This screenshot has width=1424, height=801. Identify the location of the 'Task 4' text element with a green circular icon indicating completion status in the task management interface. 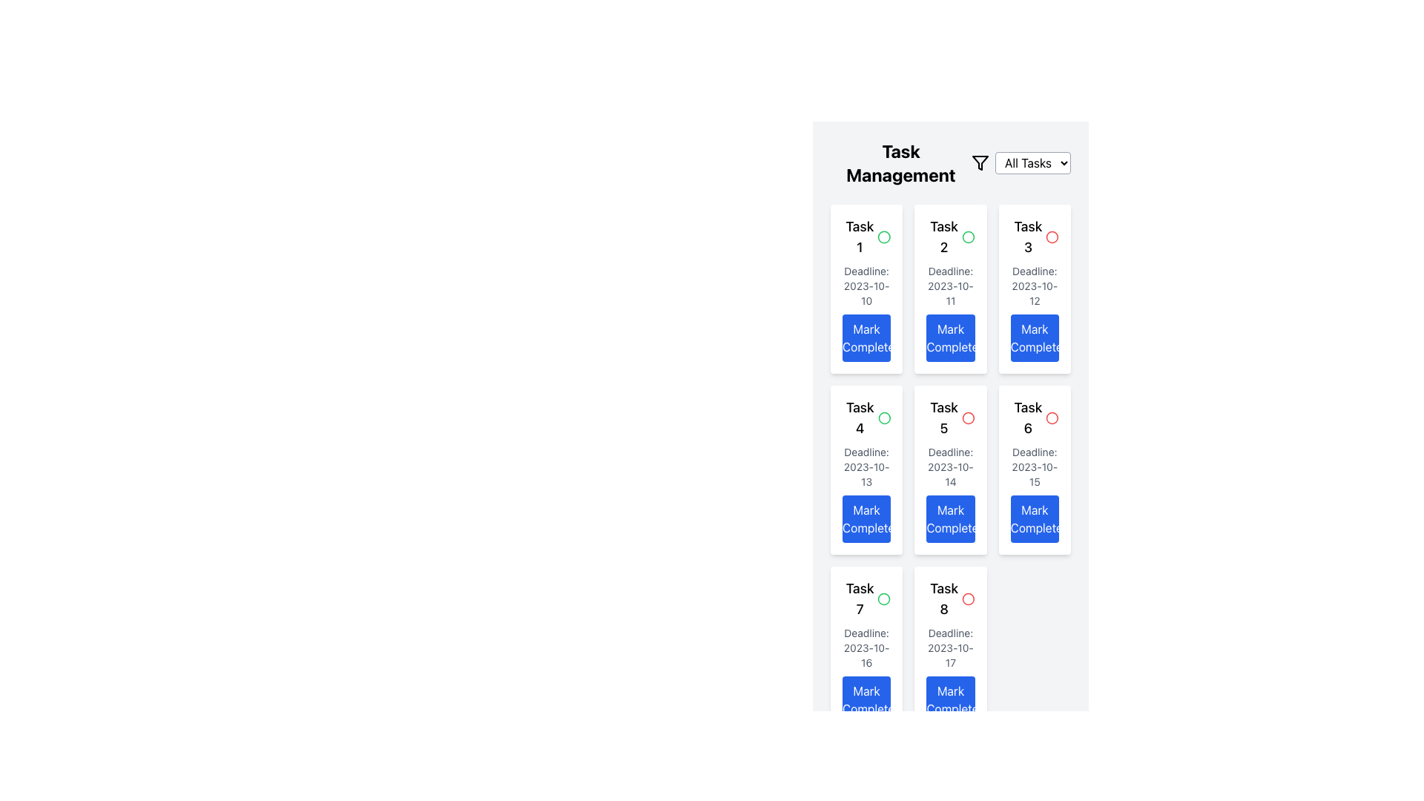
(866, 418).